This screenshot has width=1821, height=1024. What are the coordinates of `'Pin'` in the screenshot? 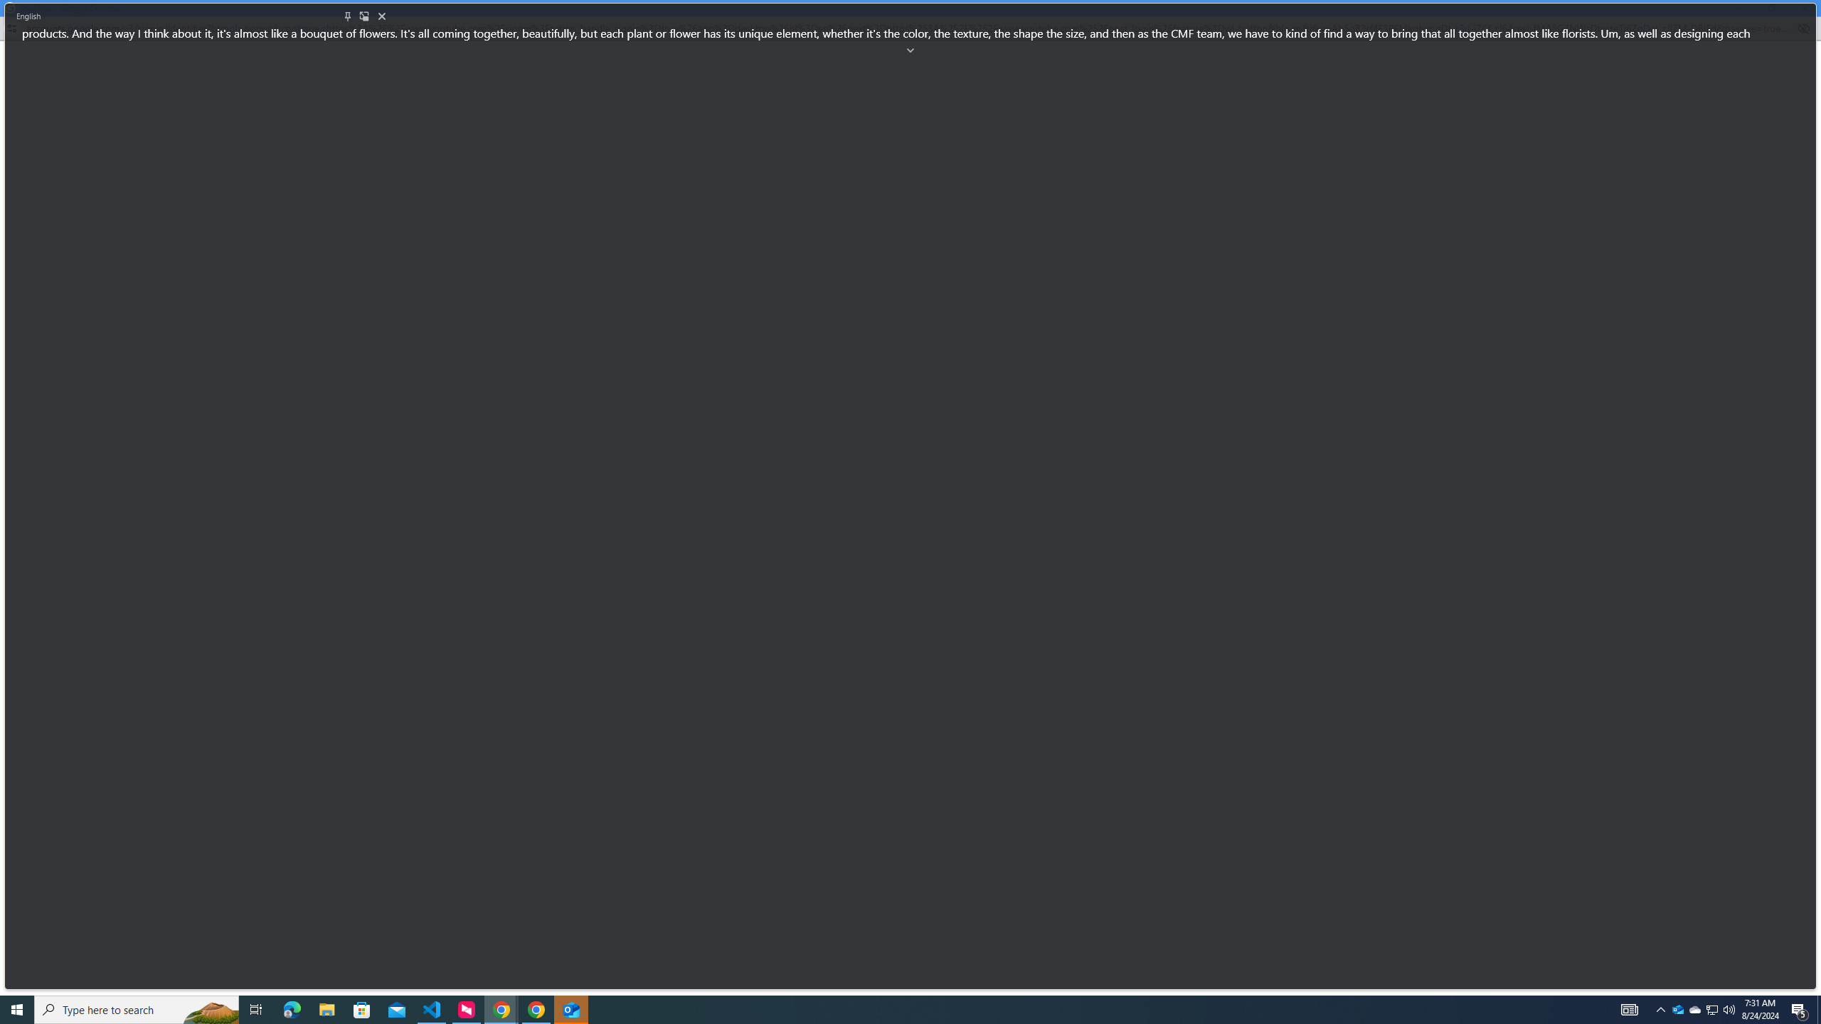 It's located at (347, 16).